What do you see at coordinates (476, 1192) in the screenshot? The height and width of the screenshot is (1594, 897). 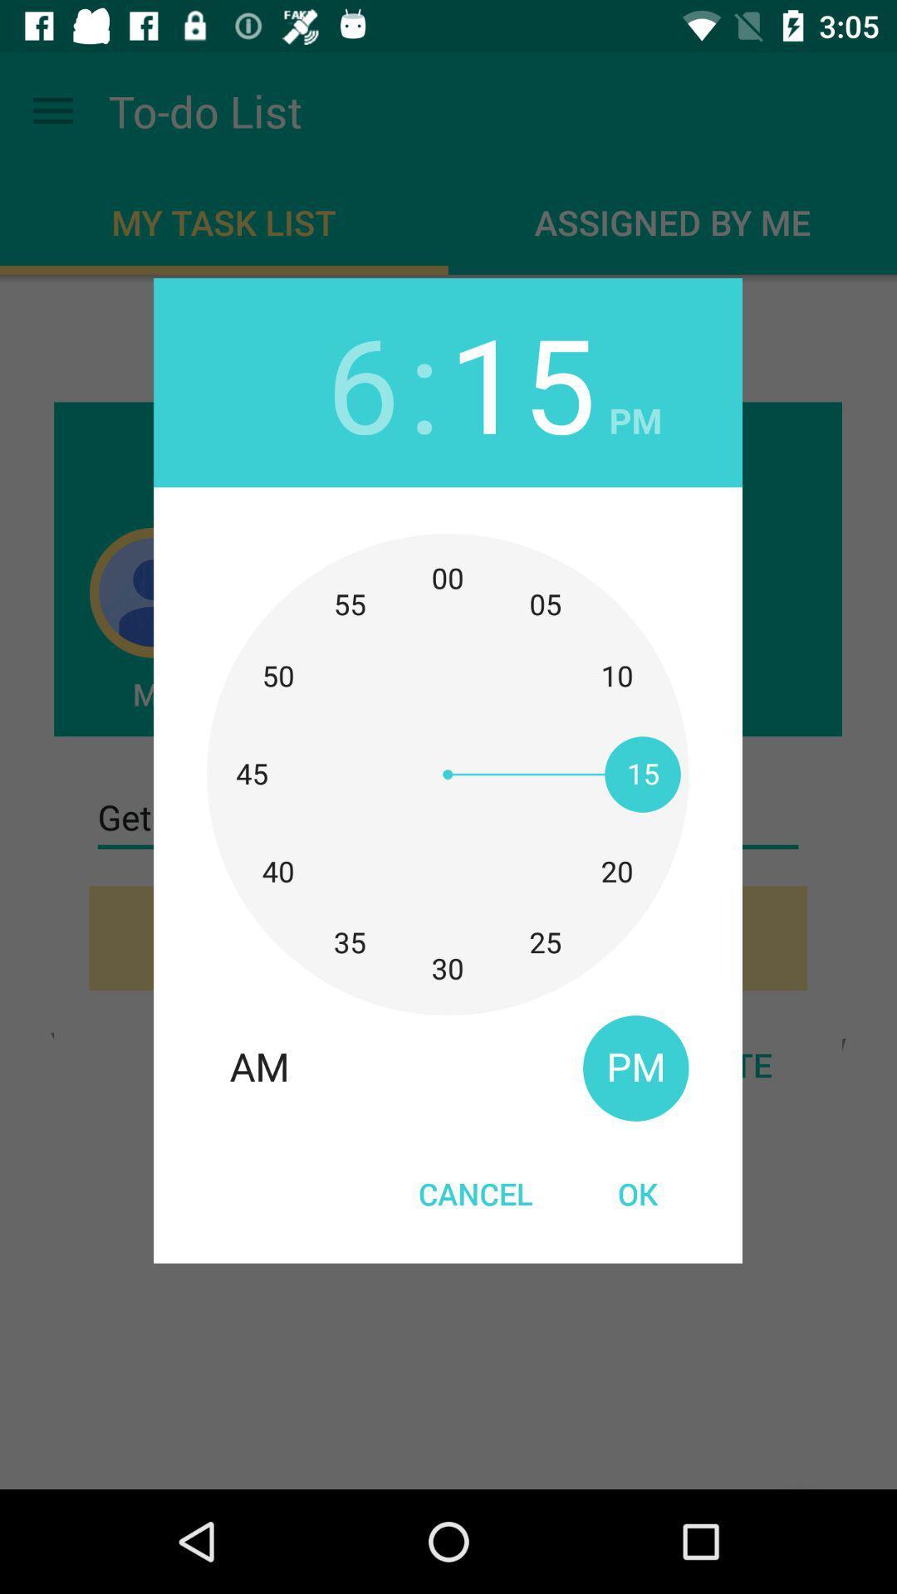 I see `the cancel at the bottom` at bounding box center [476, 1192].